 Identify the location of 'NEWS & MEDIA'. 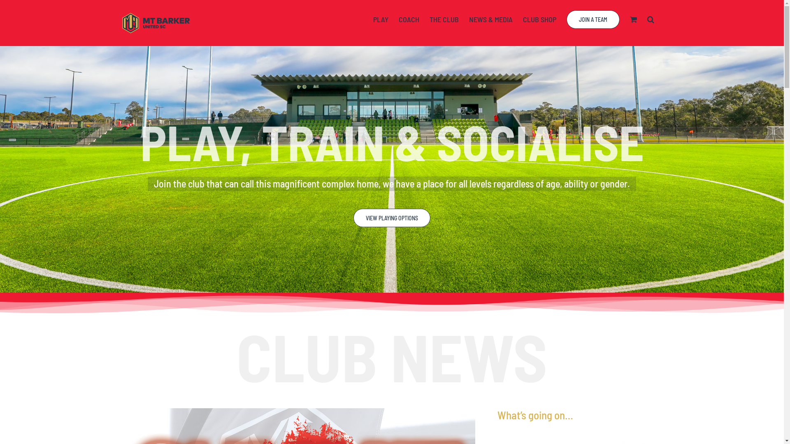
(469, 18).